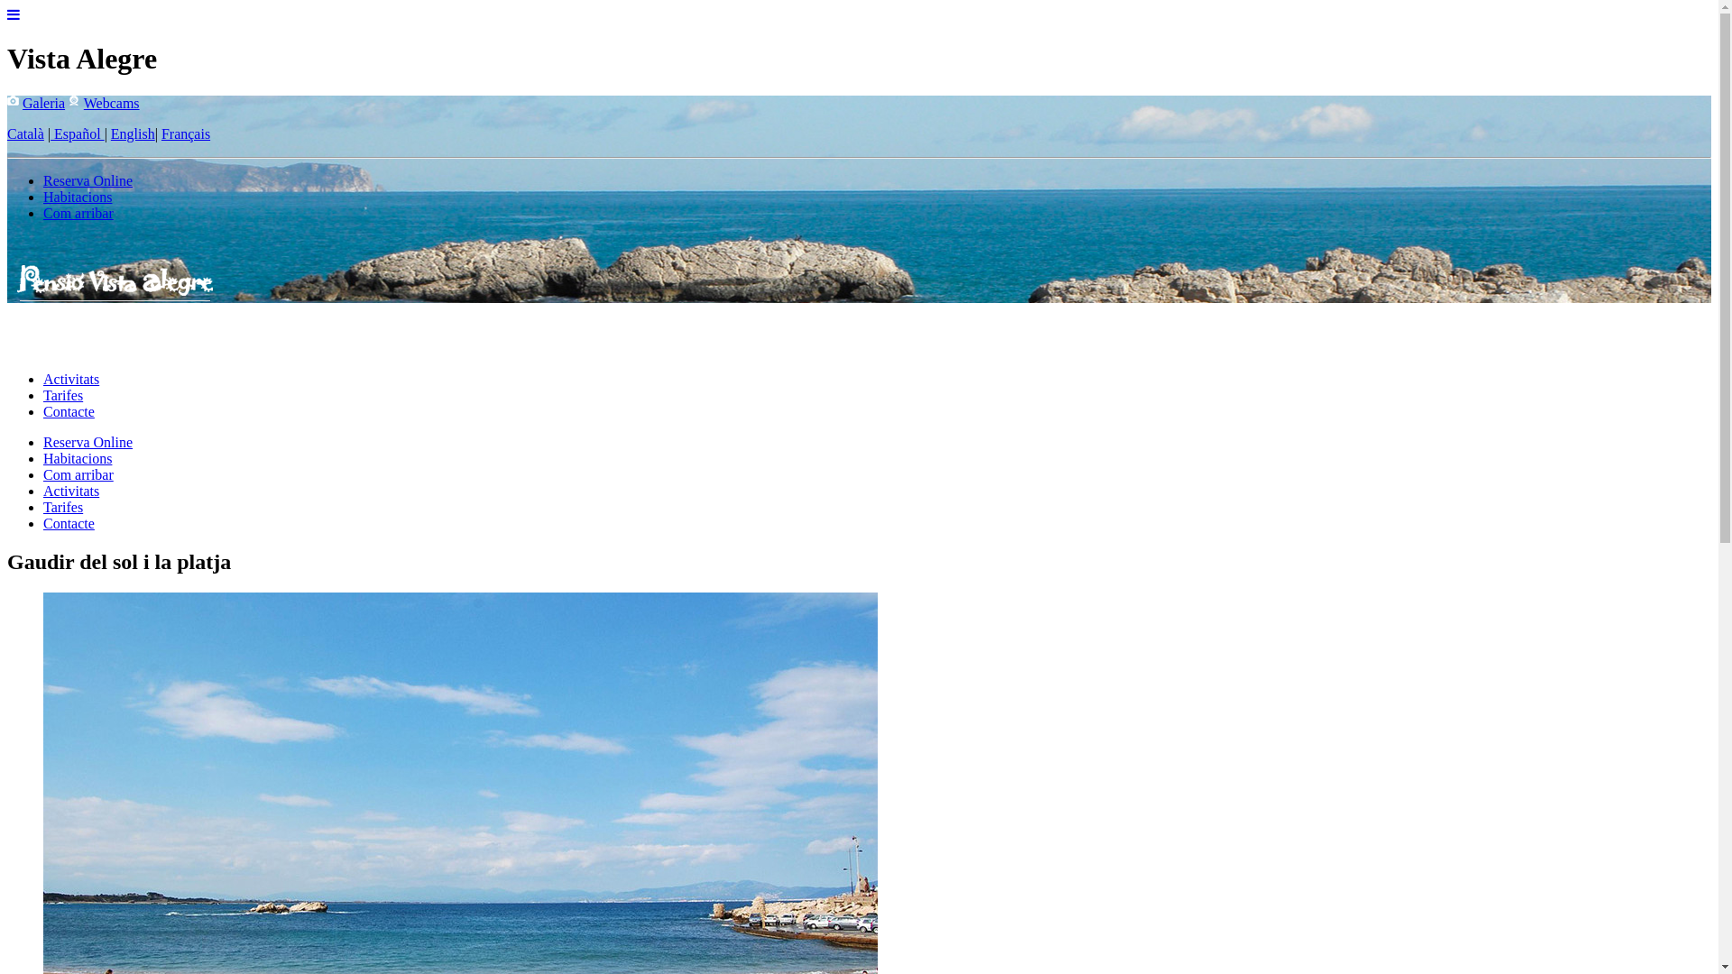 The width and height of the screenshot is (1732, 974). Describe the element at coordinates (63, 507) in the screenshot. I see `'Tarifes'` at that location.